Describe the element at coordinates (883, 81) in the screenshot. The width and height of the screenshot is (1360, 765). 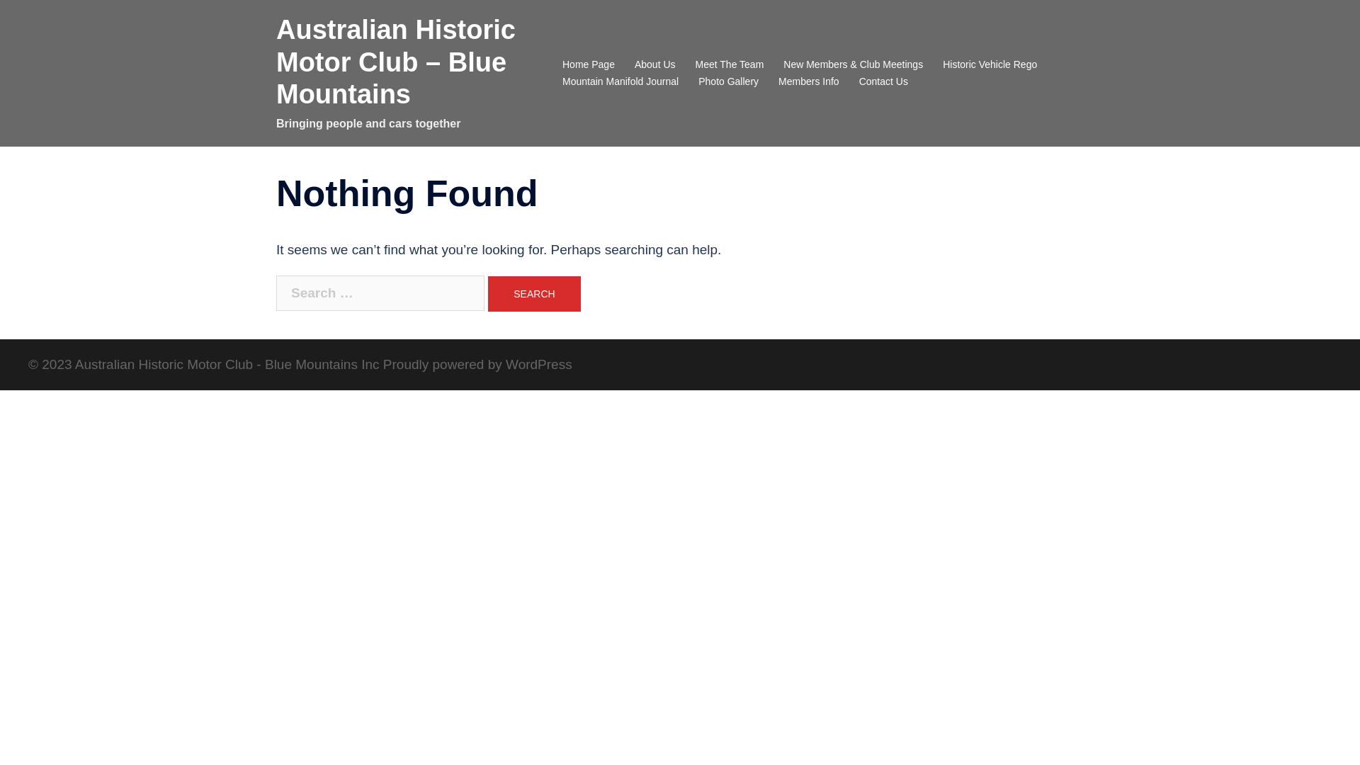
I see `'Contact Us'` at that location.